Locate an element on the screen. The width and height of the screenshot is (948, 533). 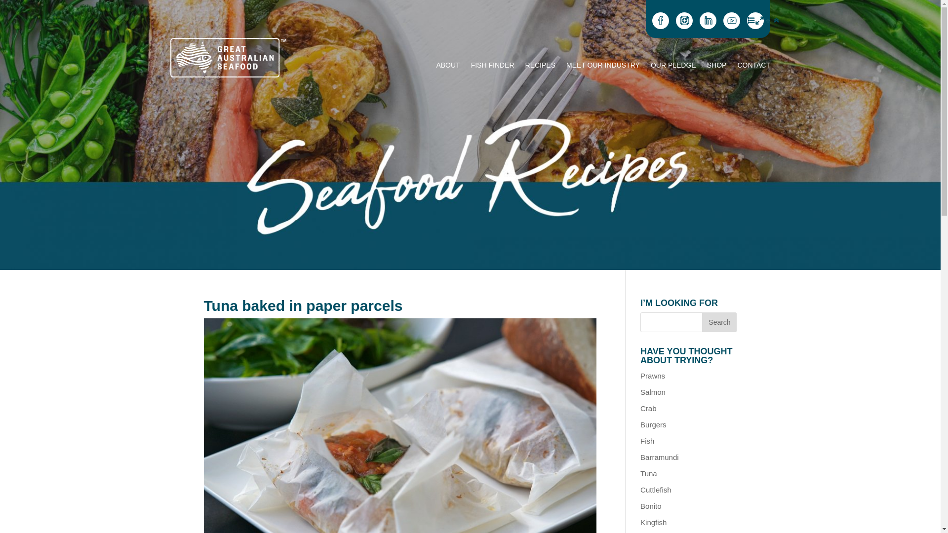
'Prawns' is located at coordinates (652, 376).